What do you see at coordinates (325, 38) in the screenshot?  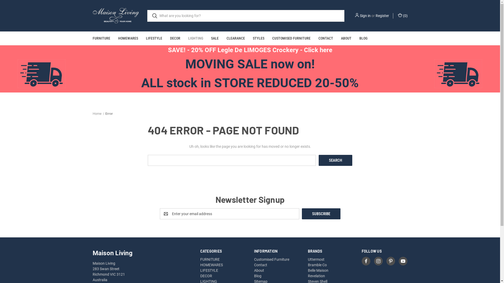 I see `'CONTACT'` at bounding box center [325, 38].